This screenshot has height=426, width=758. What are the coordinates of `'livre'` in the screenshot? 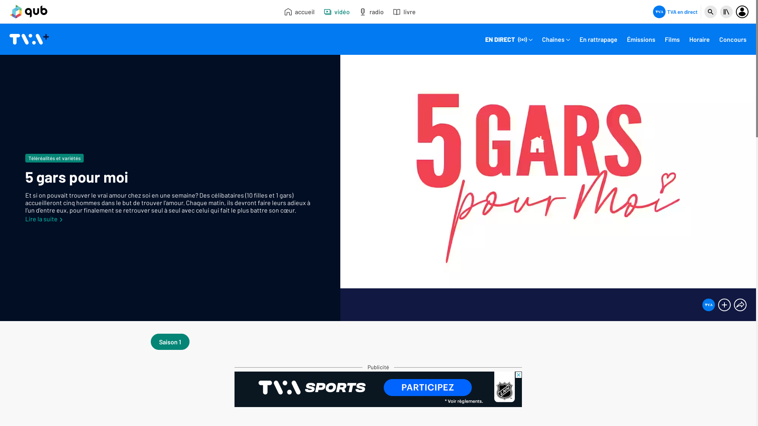 It's located at (404, 11).